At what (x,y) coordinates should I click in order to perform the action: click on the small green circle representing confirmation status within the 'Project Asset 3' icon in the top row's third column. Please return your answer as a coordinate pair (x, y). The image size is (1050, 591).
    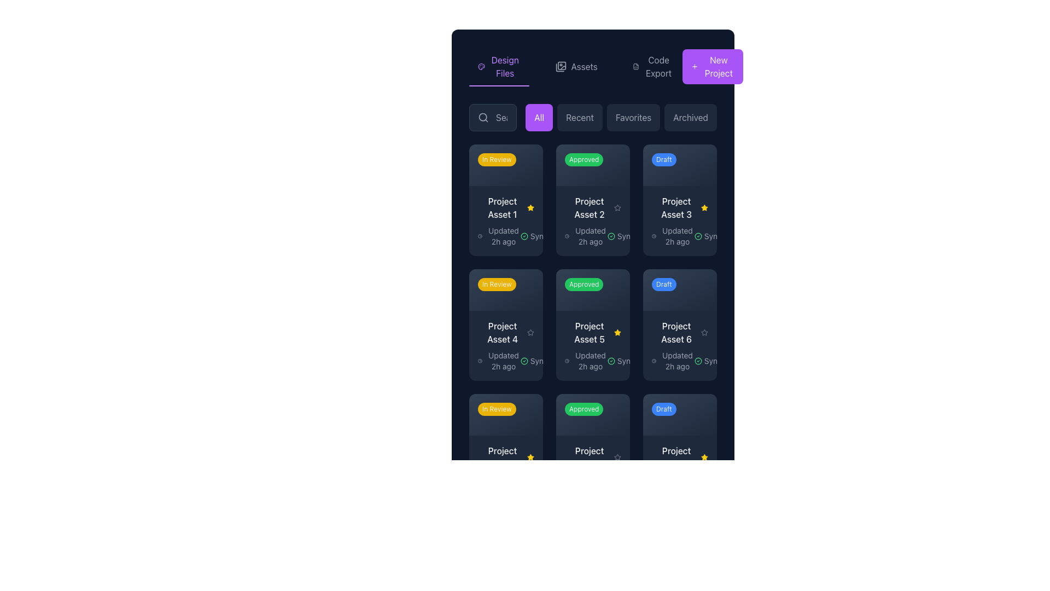
    Looking at the image, I should click on (697, 235).